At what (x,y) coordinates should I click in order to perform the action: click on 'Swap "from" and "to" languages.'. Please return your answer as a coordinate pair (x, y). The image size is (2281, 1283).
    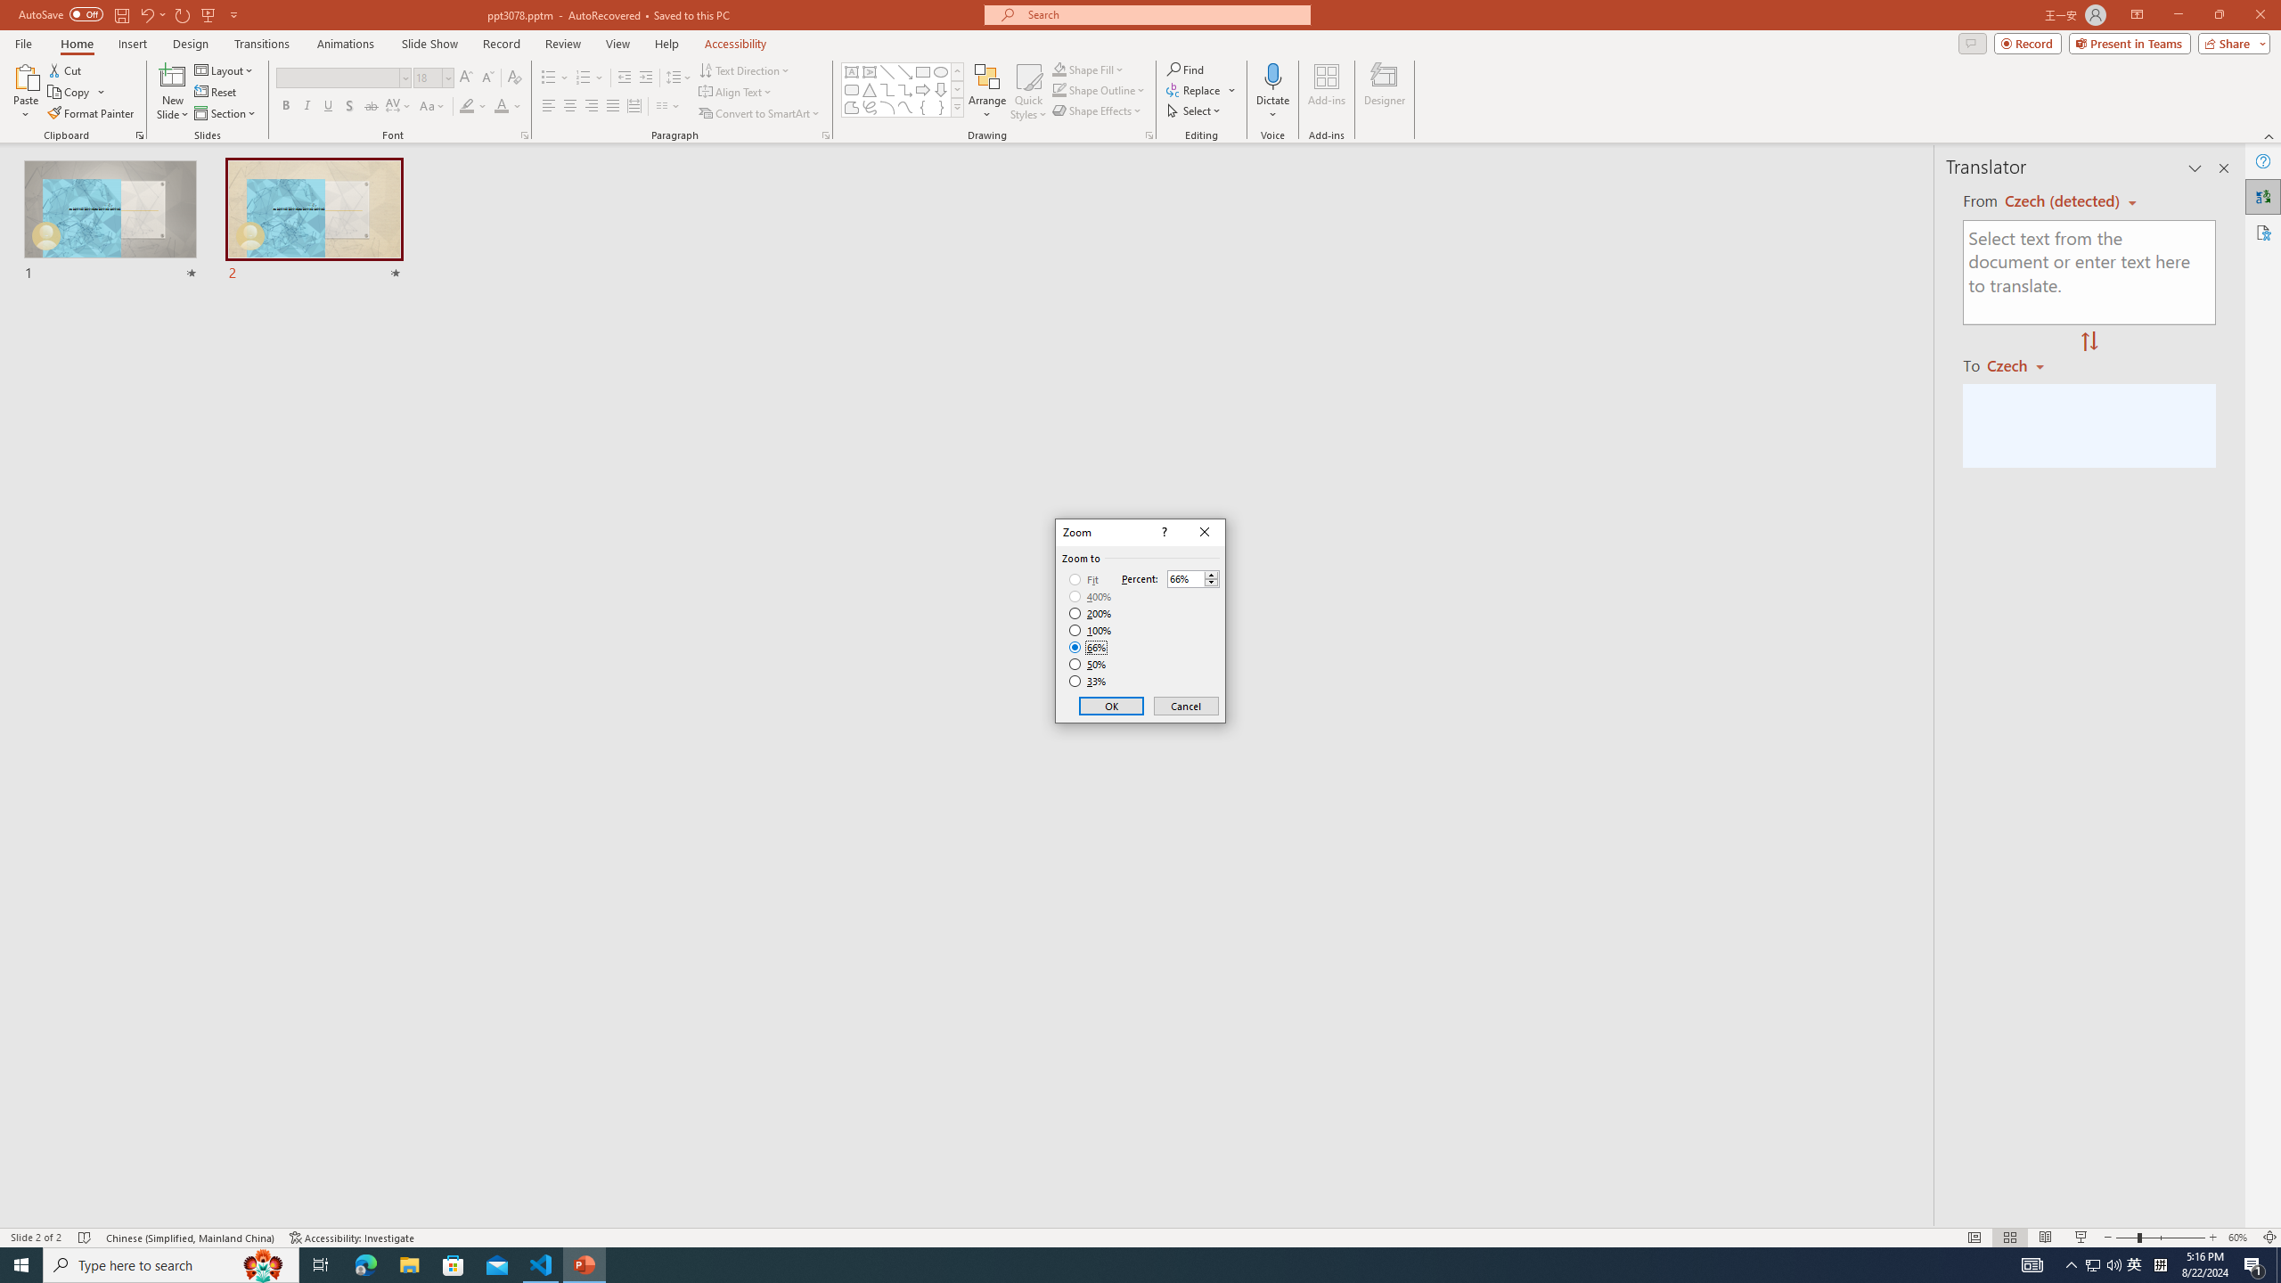
    Looking at the image, I should click on (2088, 341).